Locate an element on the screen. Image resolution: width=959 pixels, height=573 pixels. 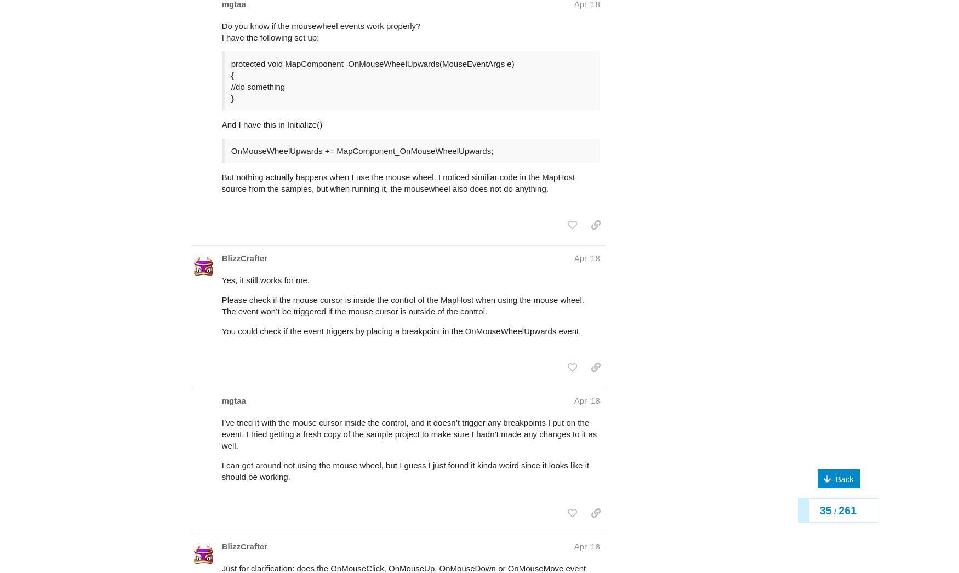
'But nothing actually happens when I use the mouse wheel.  I noticed similiar code in the MapHost source from the samples, but when running it, the mousewheel also does not do anything.' is located at coordinates (398, 139).